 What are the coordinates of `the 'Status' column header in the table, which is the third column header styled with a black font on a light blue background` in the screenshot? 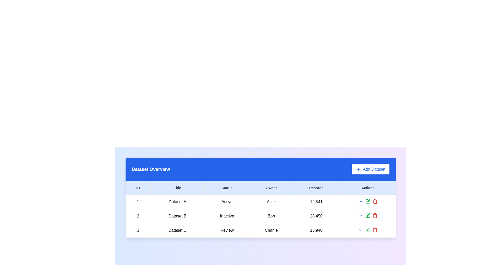 It's located at (227, 188).